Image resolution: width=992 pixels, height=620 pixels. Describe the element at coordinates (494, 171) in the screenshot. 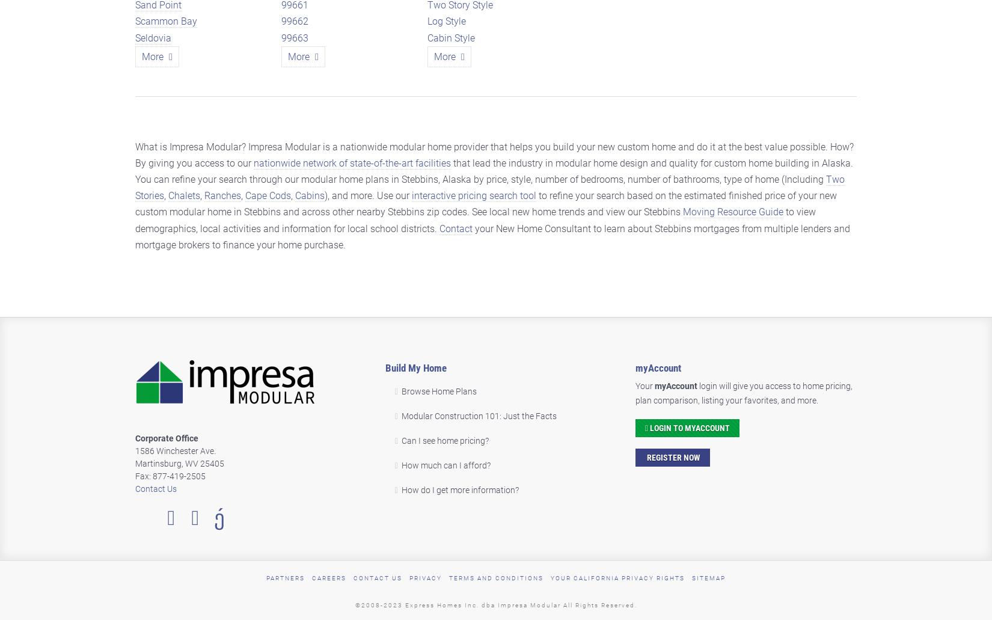

I see `'that lead the industry in modular home design and quality for custom home building in Alaska. You can refine your search through our modular home plans in Stebbins, Alaska by price, style, number of bedrooms, number of bathrooms, type of home (Including'` at that location.